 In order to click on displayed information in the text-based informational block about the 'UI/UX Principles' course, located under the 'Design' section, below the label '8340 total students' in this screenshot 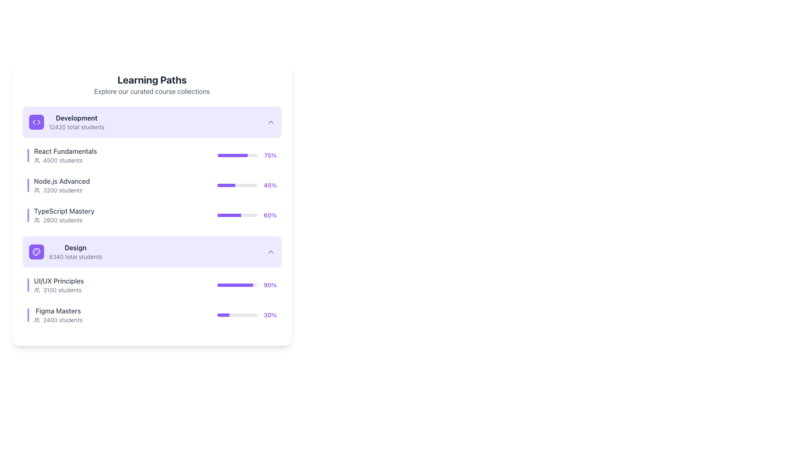, I will do `click(58, 285)`.